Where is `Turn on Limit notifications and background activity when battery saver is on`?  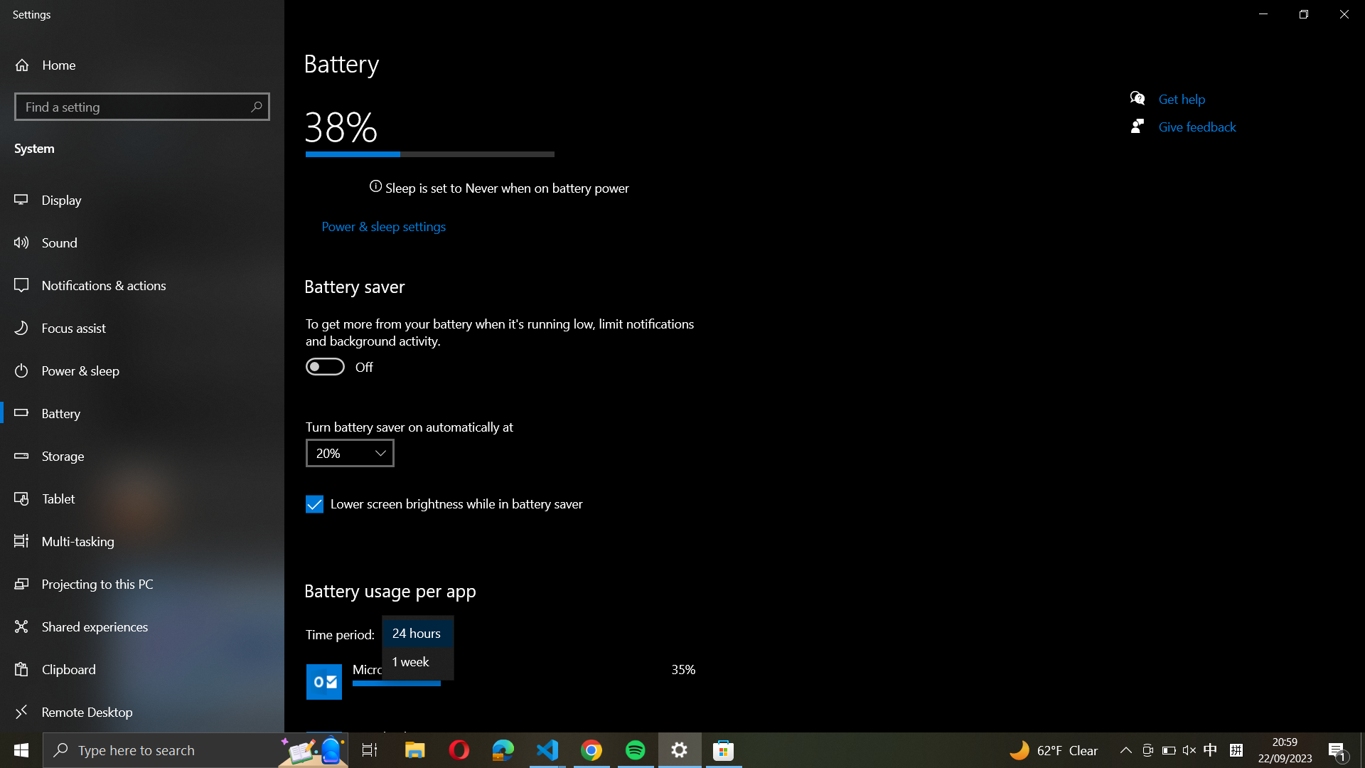
Turn on Limit notifications and background activity when battery saver is on is located at coordinates (323, 366).